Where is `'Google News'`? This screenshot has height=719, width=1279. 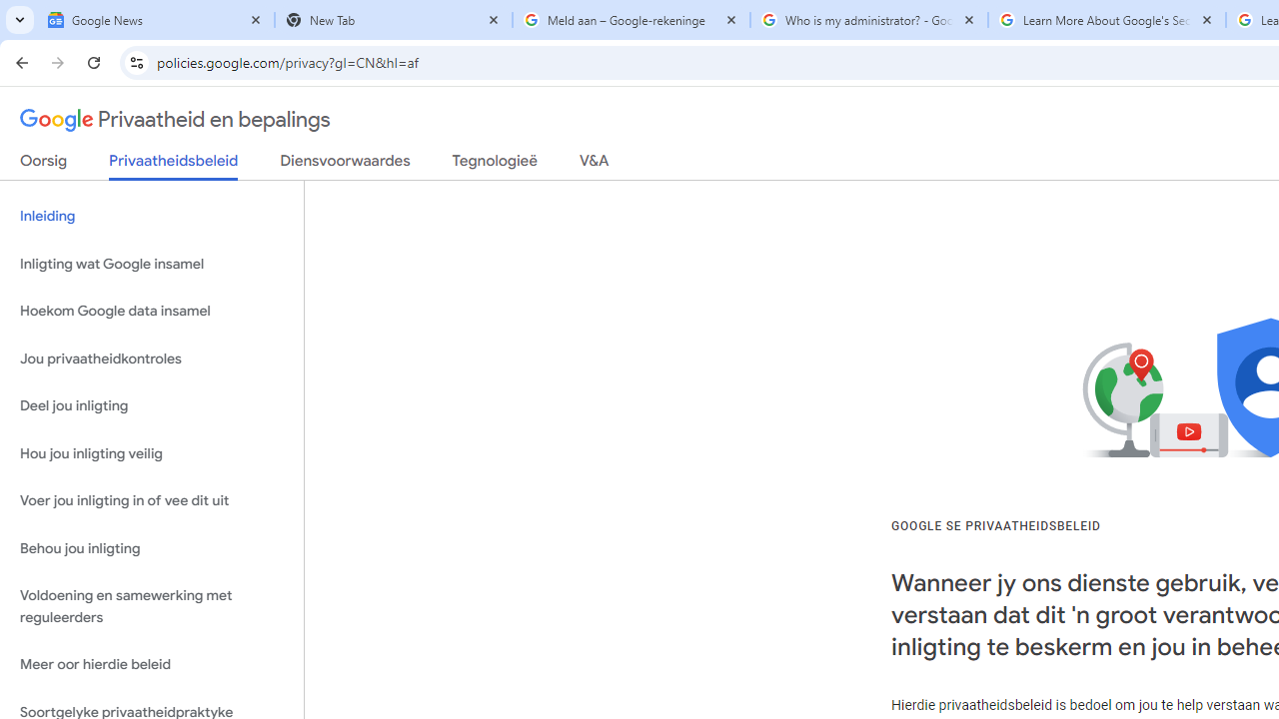 'Google News' is located at coordinates (155, 20).